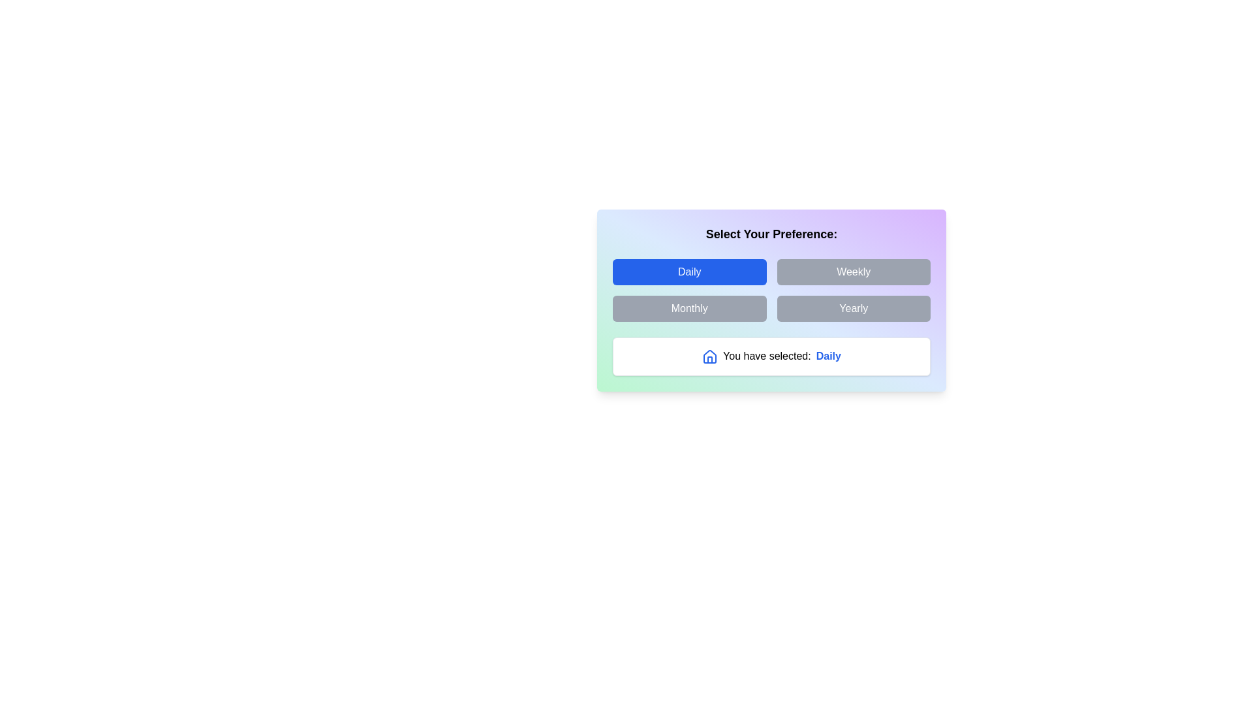  I want to click on the text indicating the selected time preference 'Daily', so click(828, 356).